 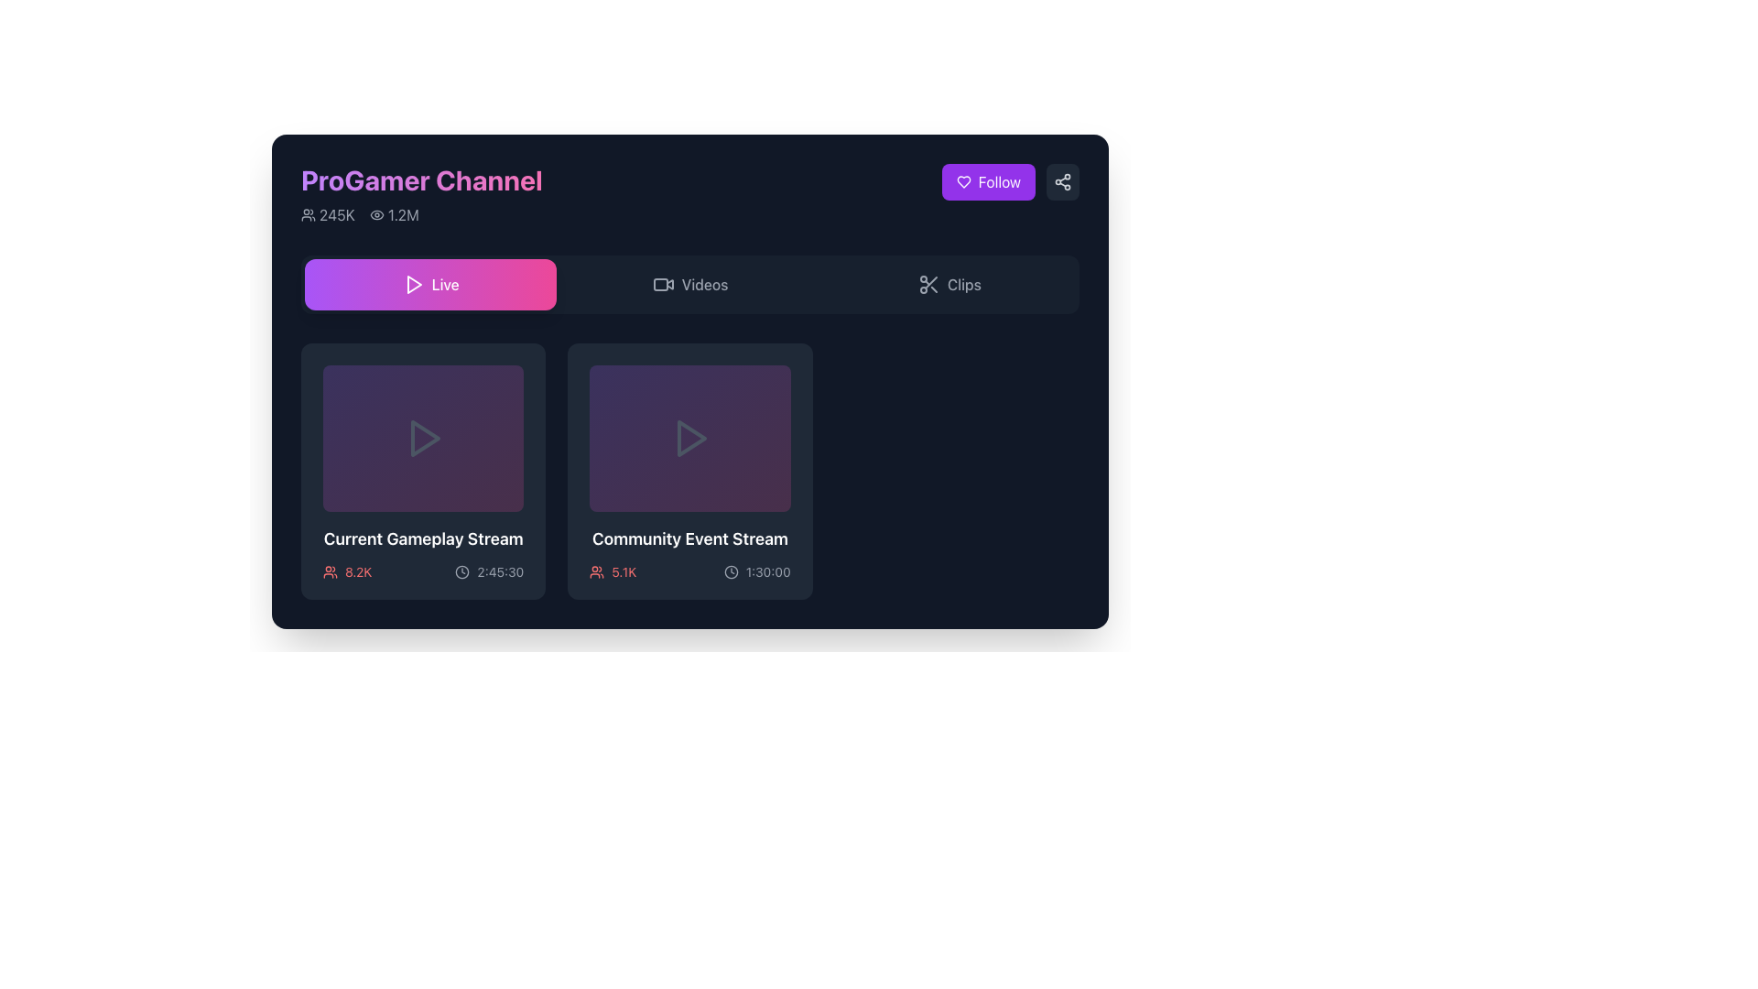 I want to click on the informational label indicating '1.2M views', which is positioned to the right of the user icon displaying '245K' under 'ProGamer Channel', so click(x=393, y=214).